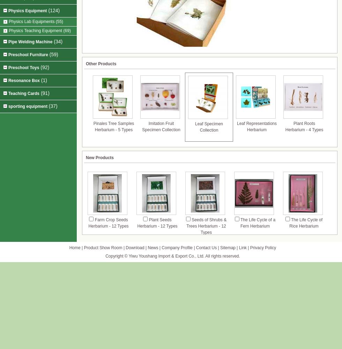  I want to click on 'Physics Lab Equipments', so click(31, 22).